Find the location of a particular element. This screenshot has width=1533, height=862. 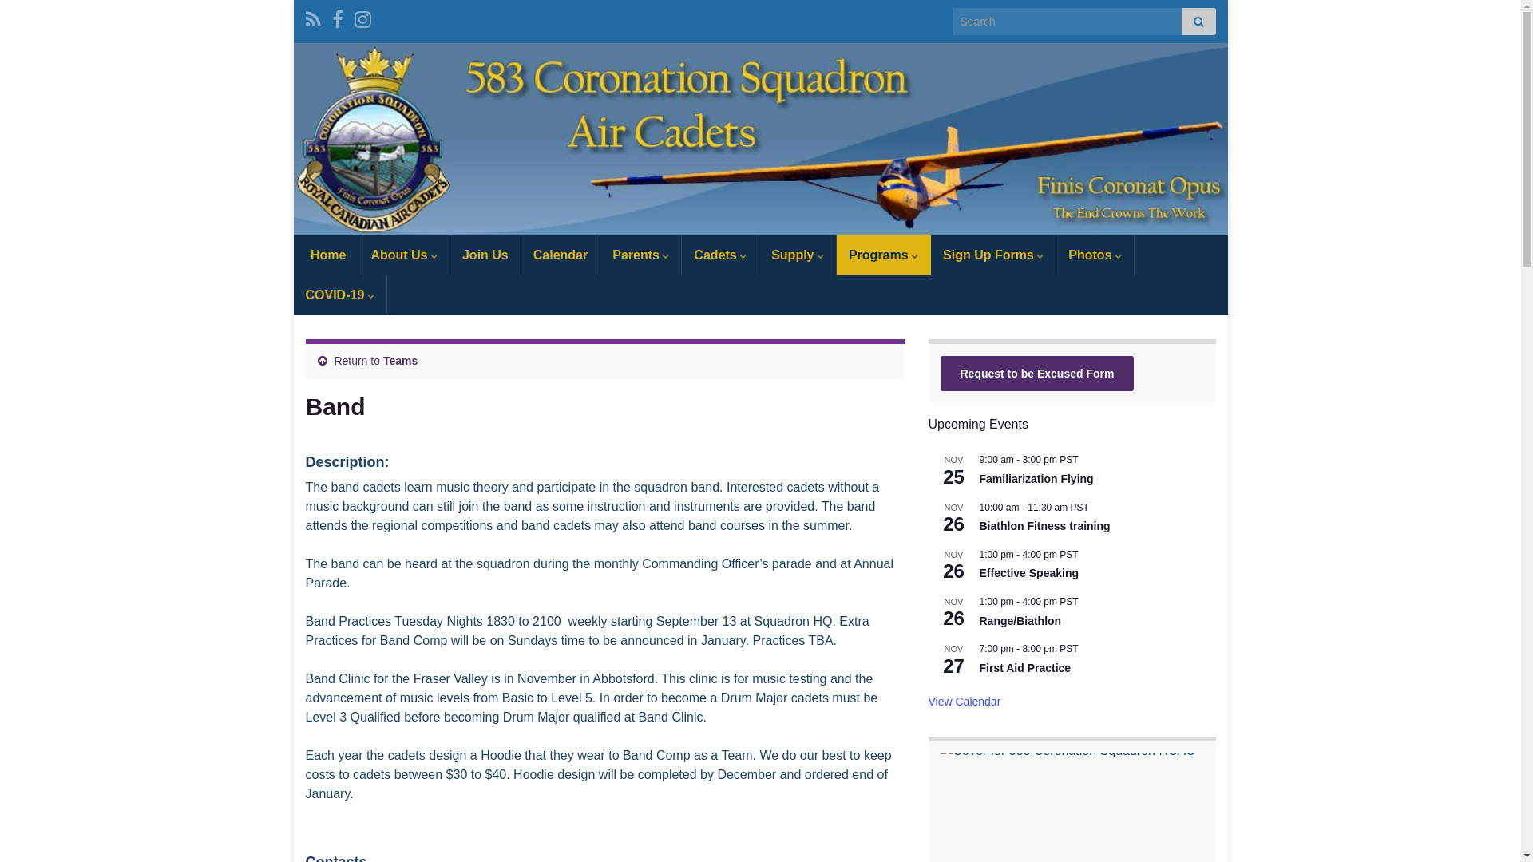

'Range/Biathlon' is located at coordinates (1019, 620).